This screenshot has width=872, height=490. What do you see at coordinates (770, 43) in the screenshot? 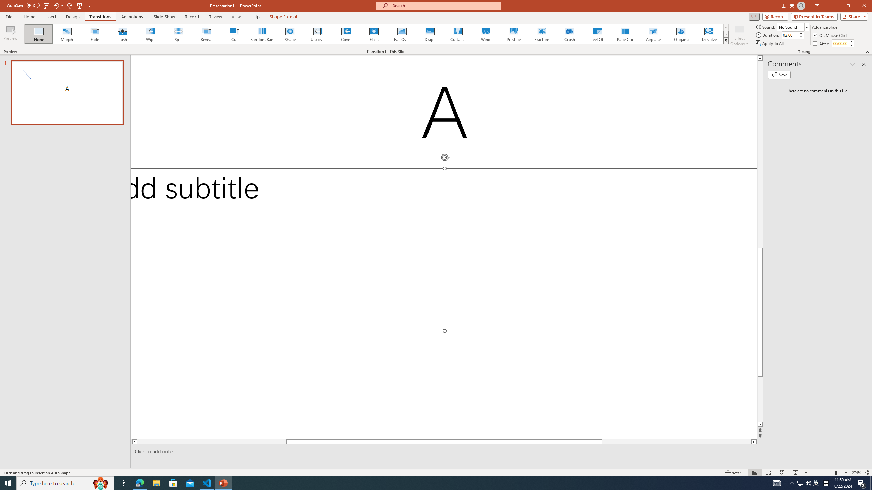
I see `'Apply To All'` at bounding box center [770, 43].